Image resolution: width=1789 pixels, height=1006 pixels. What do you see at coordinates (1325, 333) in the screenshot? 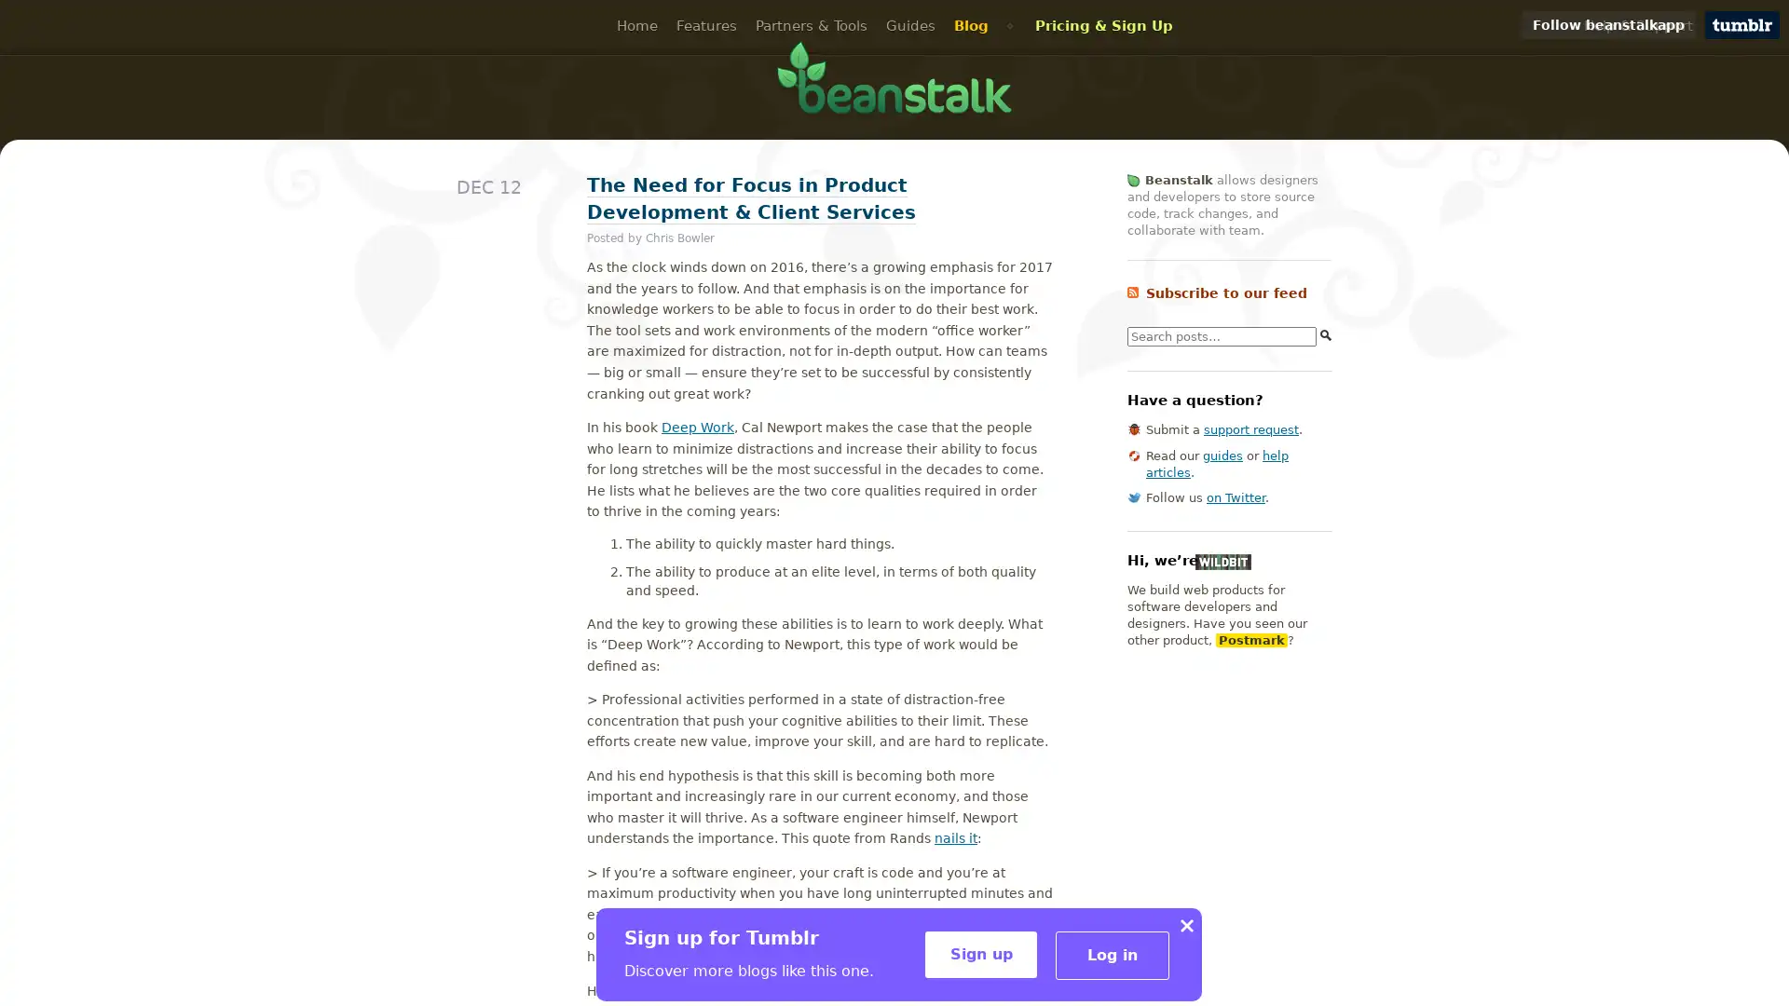
I see `Search` at bounding box center [1325, 333].